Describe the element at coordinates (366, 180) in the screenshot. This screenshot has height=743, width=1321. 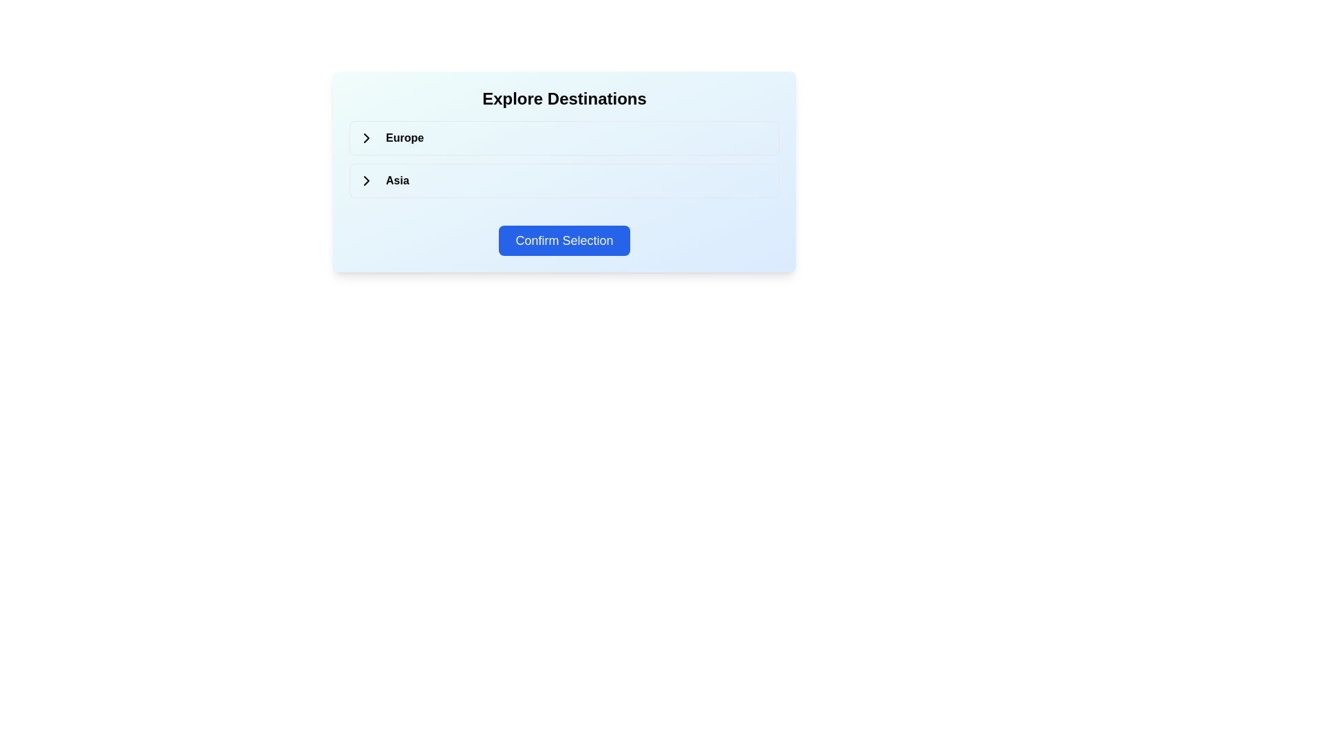
I see `the right-facing chevron icon located on the extreme left side of the 'Asia' entry in the 'Explore Destinations' list` at that location.